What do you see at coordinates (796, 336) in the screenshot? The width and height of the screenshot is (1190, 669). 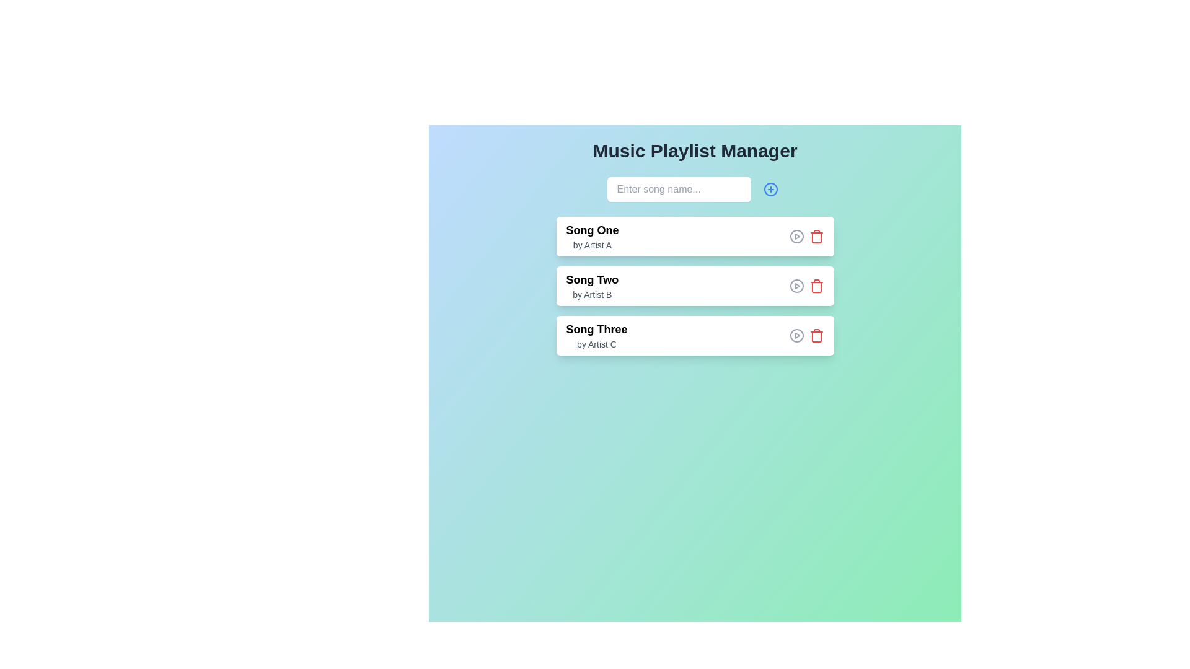 I see `the circular play button with a black stroke located in the bottom right corner of 'Song Three by Artist C'` at bounding box center [796, 336].